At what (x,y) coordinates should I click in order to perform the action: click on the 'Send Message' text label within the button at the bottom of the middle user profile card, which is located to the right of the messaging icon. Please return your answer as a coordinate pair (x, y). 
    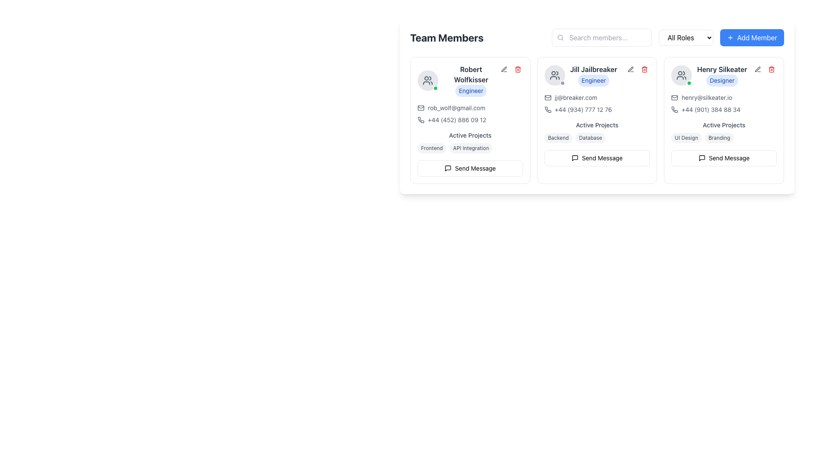
    Looking at the image, I should click on (602, 158).